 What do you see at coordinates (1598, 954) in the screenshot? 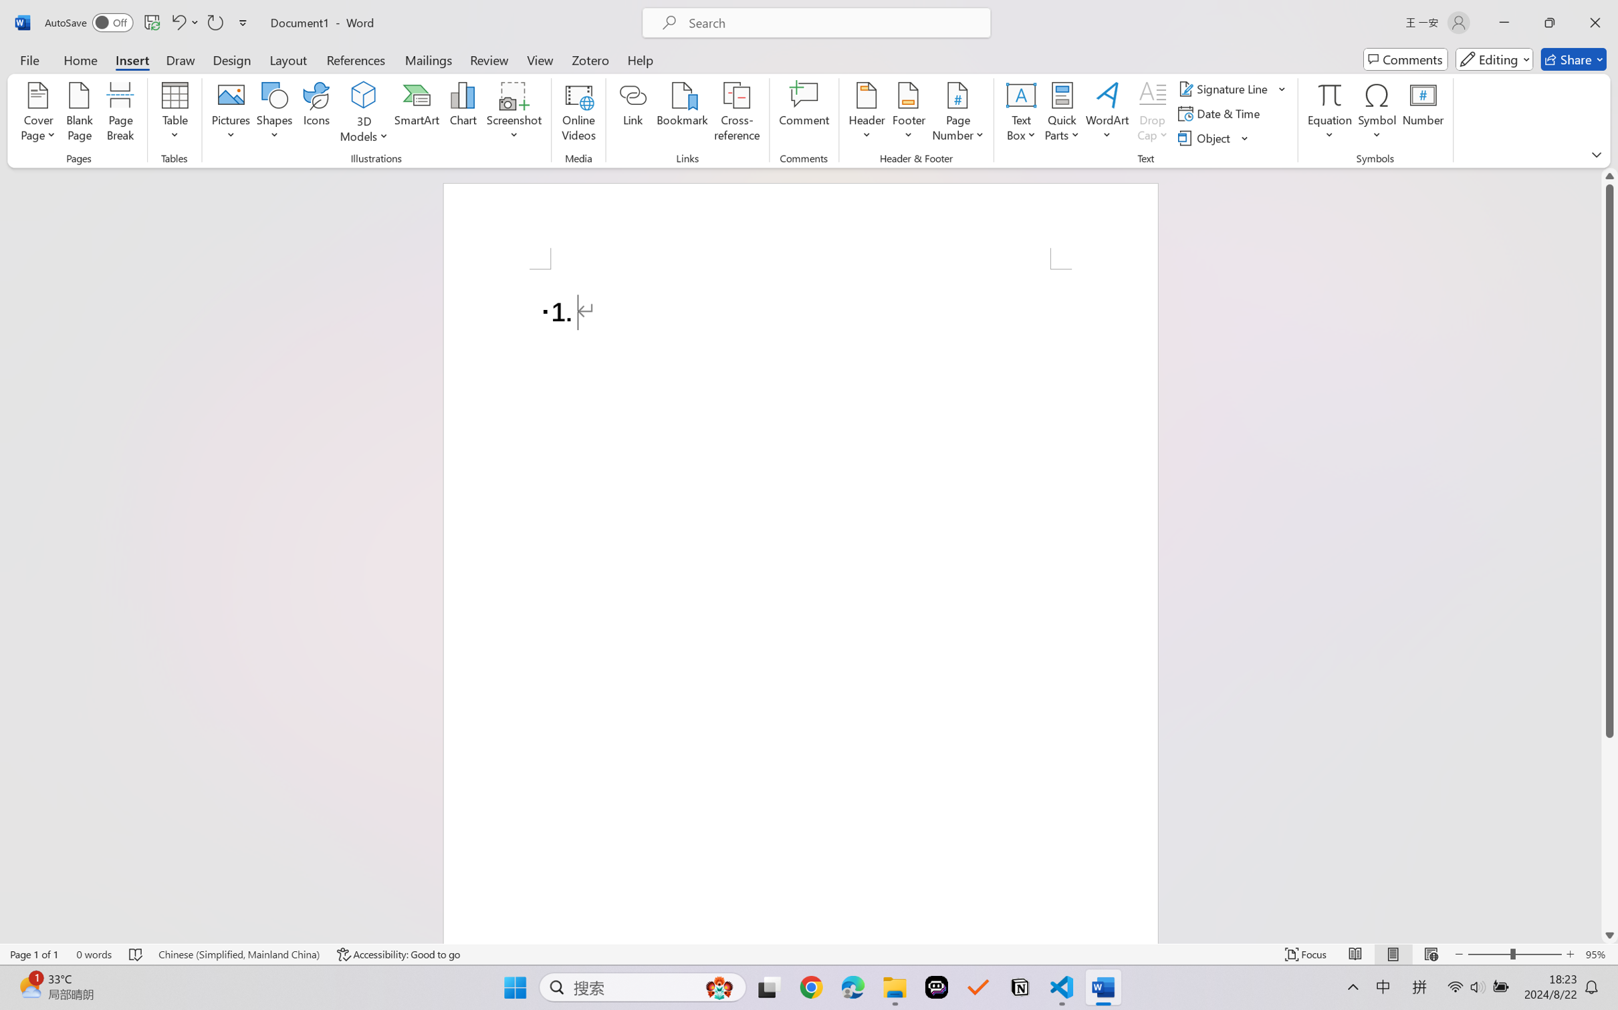
I see `'Zoom 95%'` at bounding box center [1598, 954].